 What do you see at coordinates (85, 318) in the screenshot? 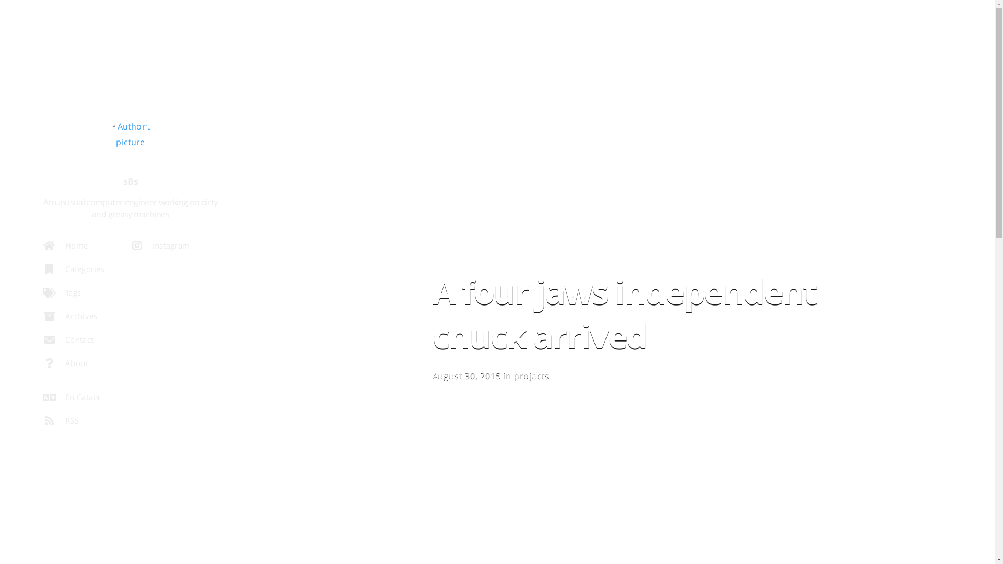
I see `'Archives'` at bounding box center [85, 318].